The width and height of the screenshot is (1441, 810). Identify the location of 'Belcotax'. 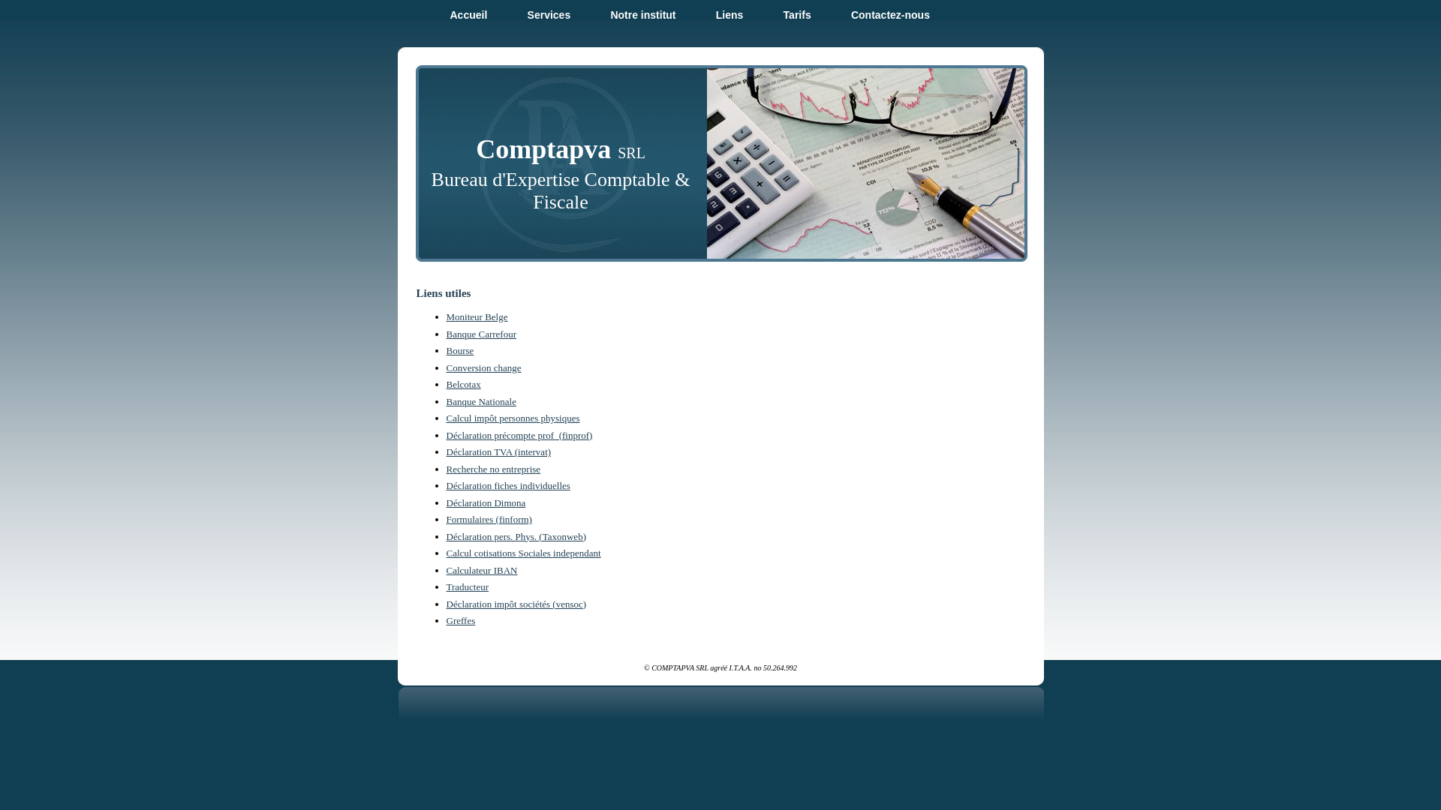
(462, 383).